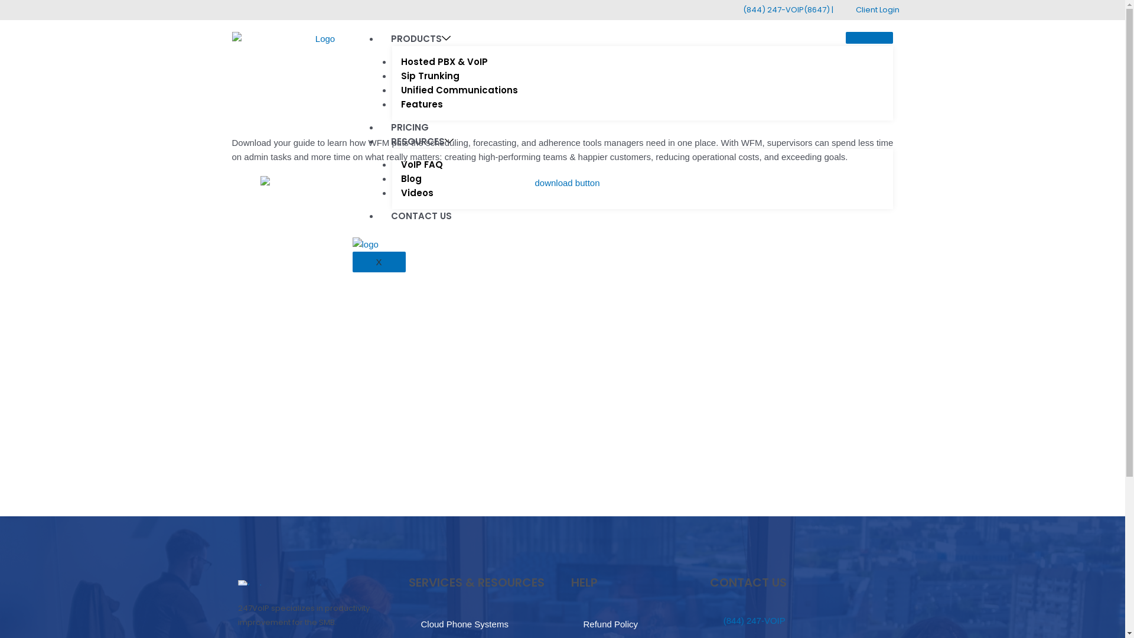 This screenshot has height=638, width=1134. Describe the element at coordinates (429, 76) in the screenshot. I see `'Sip Trunking'` at that location.